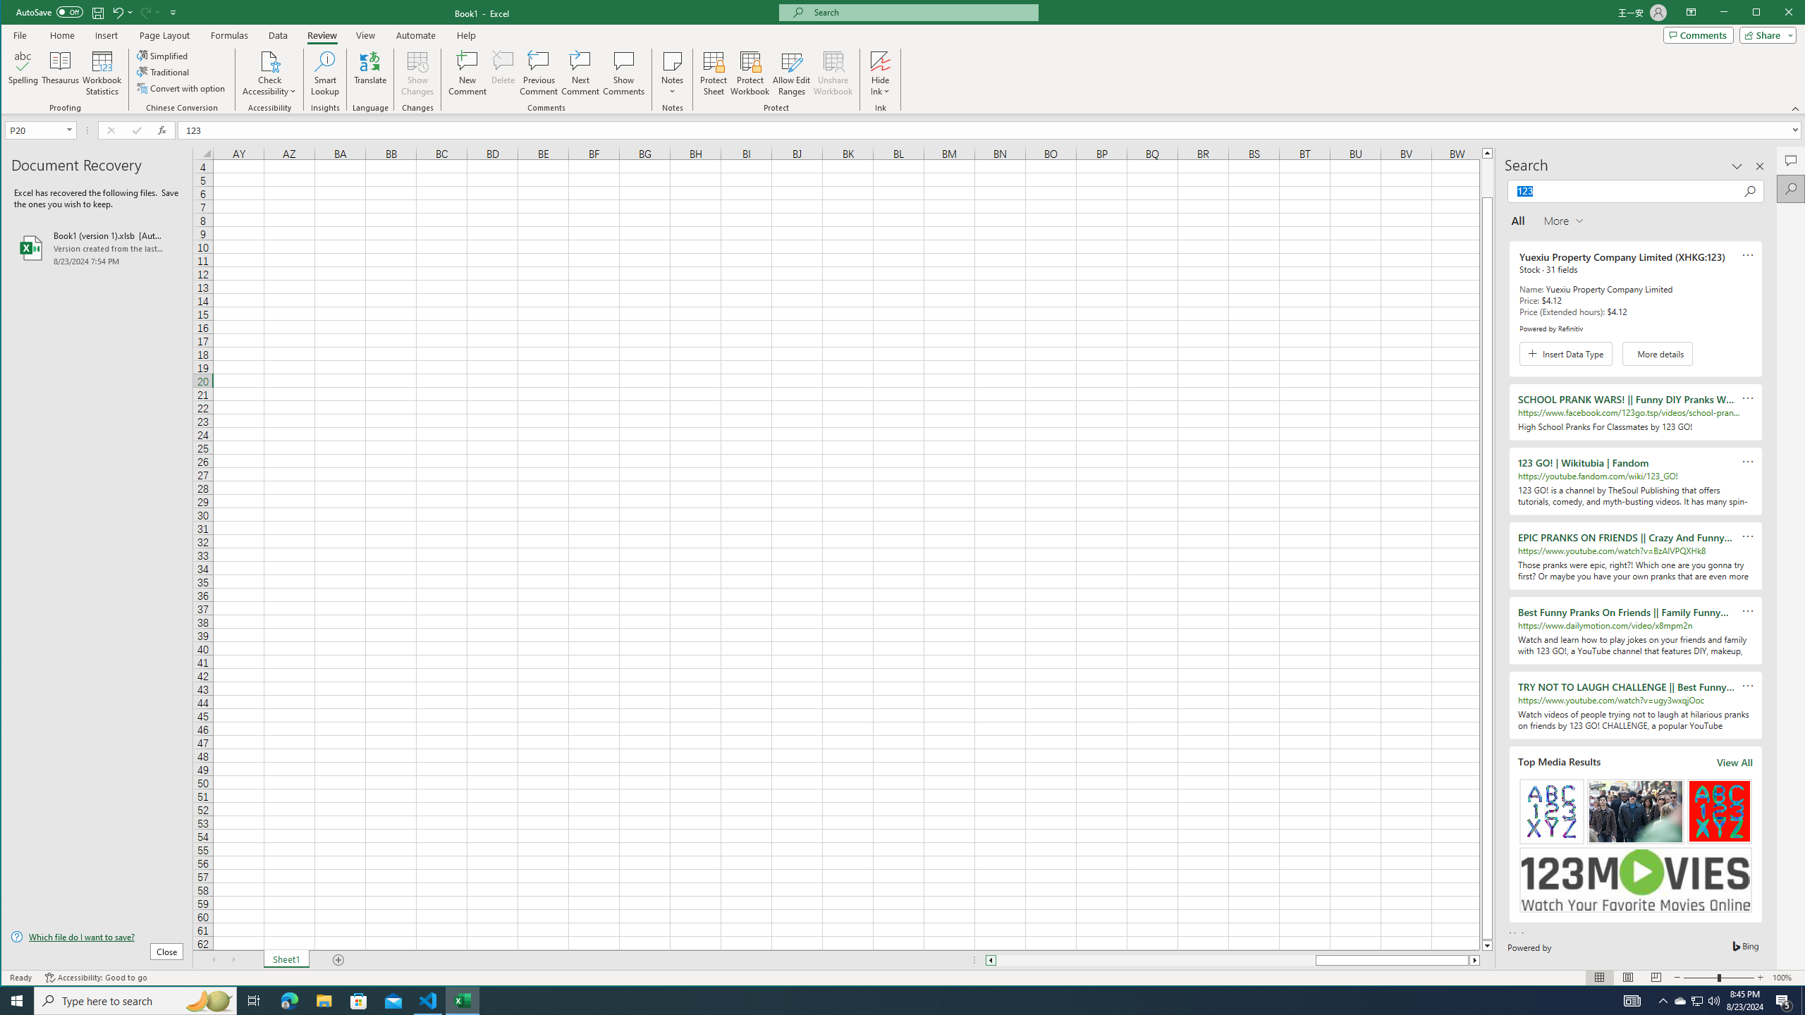 This screenshot has width=1805, height=1015. I want to click on 'File Explorer', so click(323, 999).